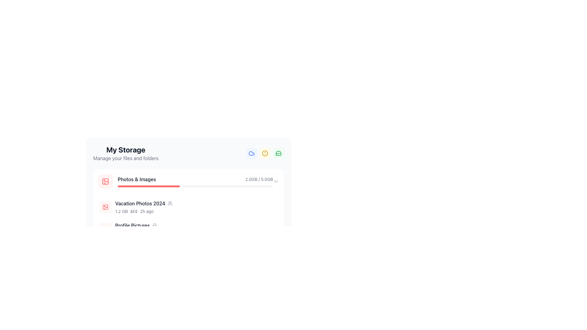 The height and width of the screenshot is (330, 587). I want to click on the centered bullet symbol ('•') displayed in gray, used as a separator, located between '450 MB' and '1d ago', so click(136, 233).